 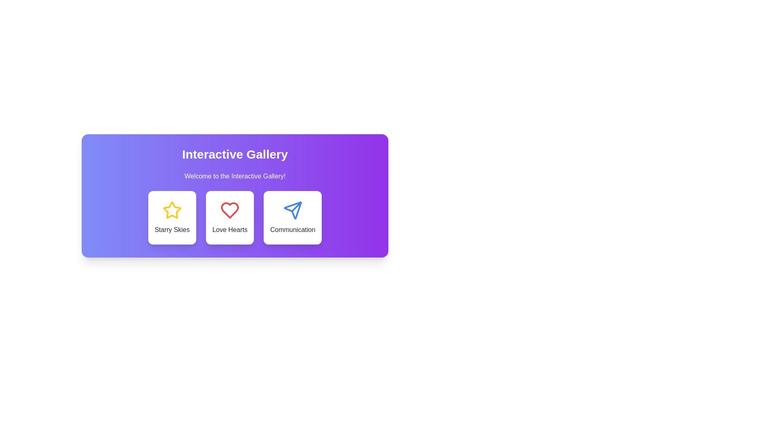 I want to click on the leftmost star icon associated with the title 'Starry Skies' in the first card of the 'Interactive Gallery' section, so click(x=171, y=210).